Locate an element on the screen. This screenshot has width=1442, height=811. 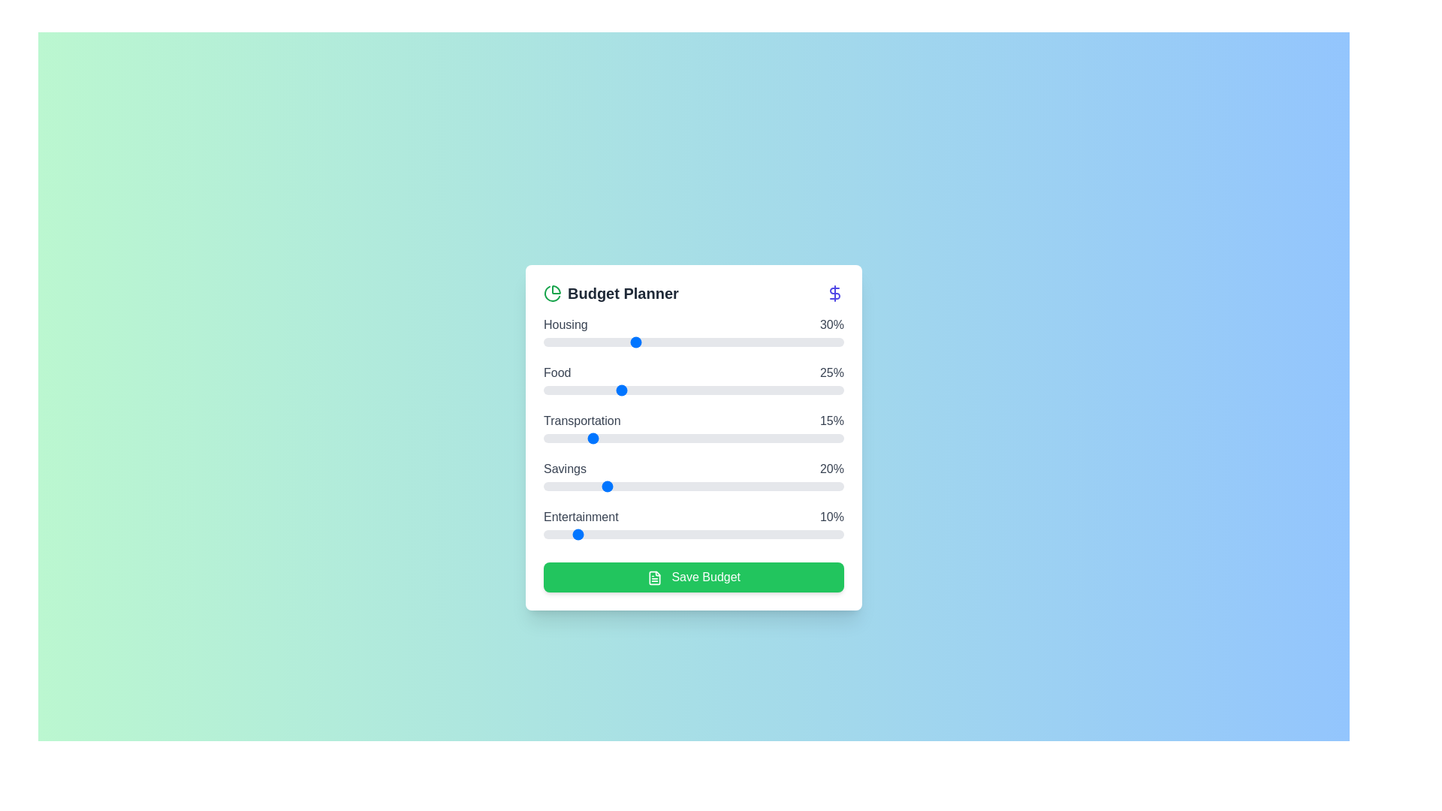
the slider for 'Food' to set its percentage to 23 is located at coordinates (613, 390).